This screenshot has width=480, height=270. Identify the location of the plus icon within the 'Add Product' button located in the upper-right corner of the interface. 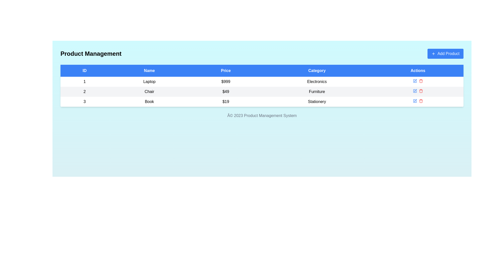
(433, 54).